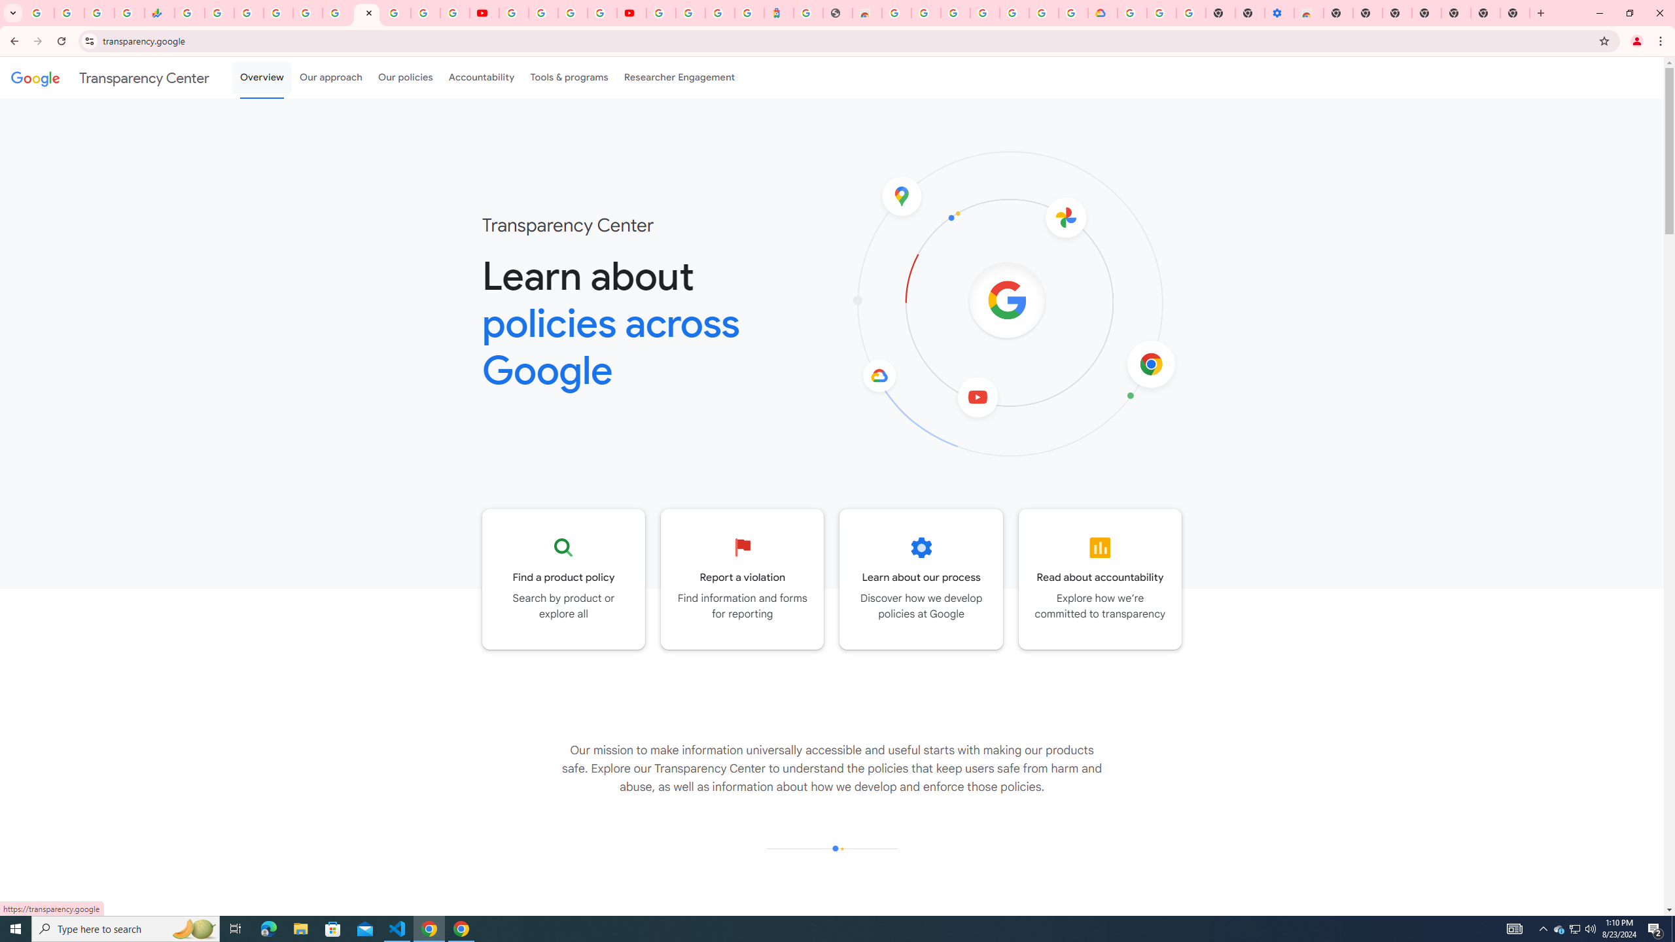 Image resolution: width=1675 pixels, height=942 pixels. What do you see at coordinates (1598, 12) in the screenshot?
I see `'Minimize'` at bounding box center [1598, 12].